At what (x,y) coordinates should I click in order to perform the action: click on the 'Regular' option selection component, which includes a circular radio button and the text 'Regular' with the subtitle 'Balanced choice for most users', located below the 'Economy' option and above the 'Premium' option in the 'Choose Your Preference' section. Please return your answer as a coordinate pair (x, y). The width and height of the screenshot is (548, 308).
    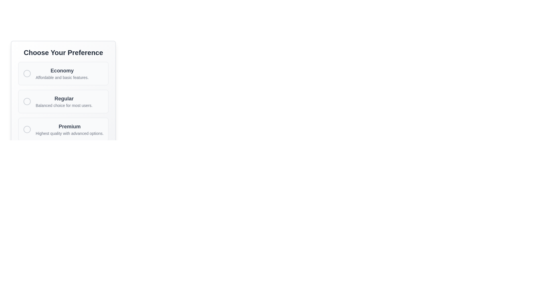
    Looking at the image, I should click on (63, 101).